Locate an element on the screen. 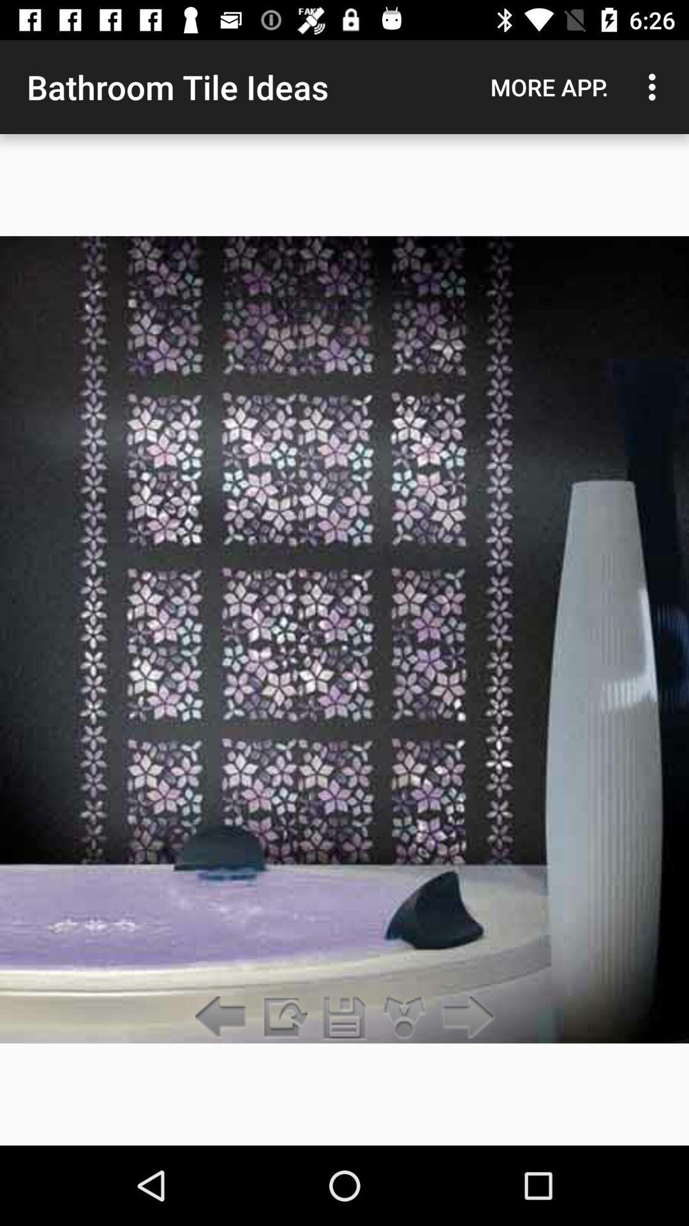 This screenshot has height=1226, width=689. next page is located at coordinates (465, 1017).